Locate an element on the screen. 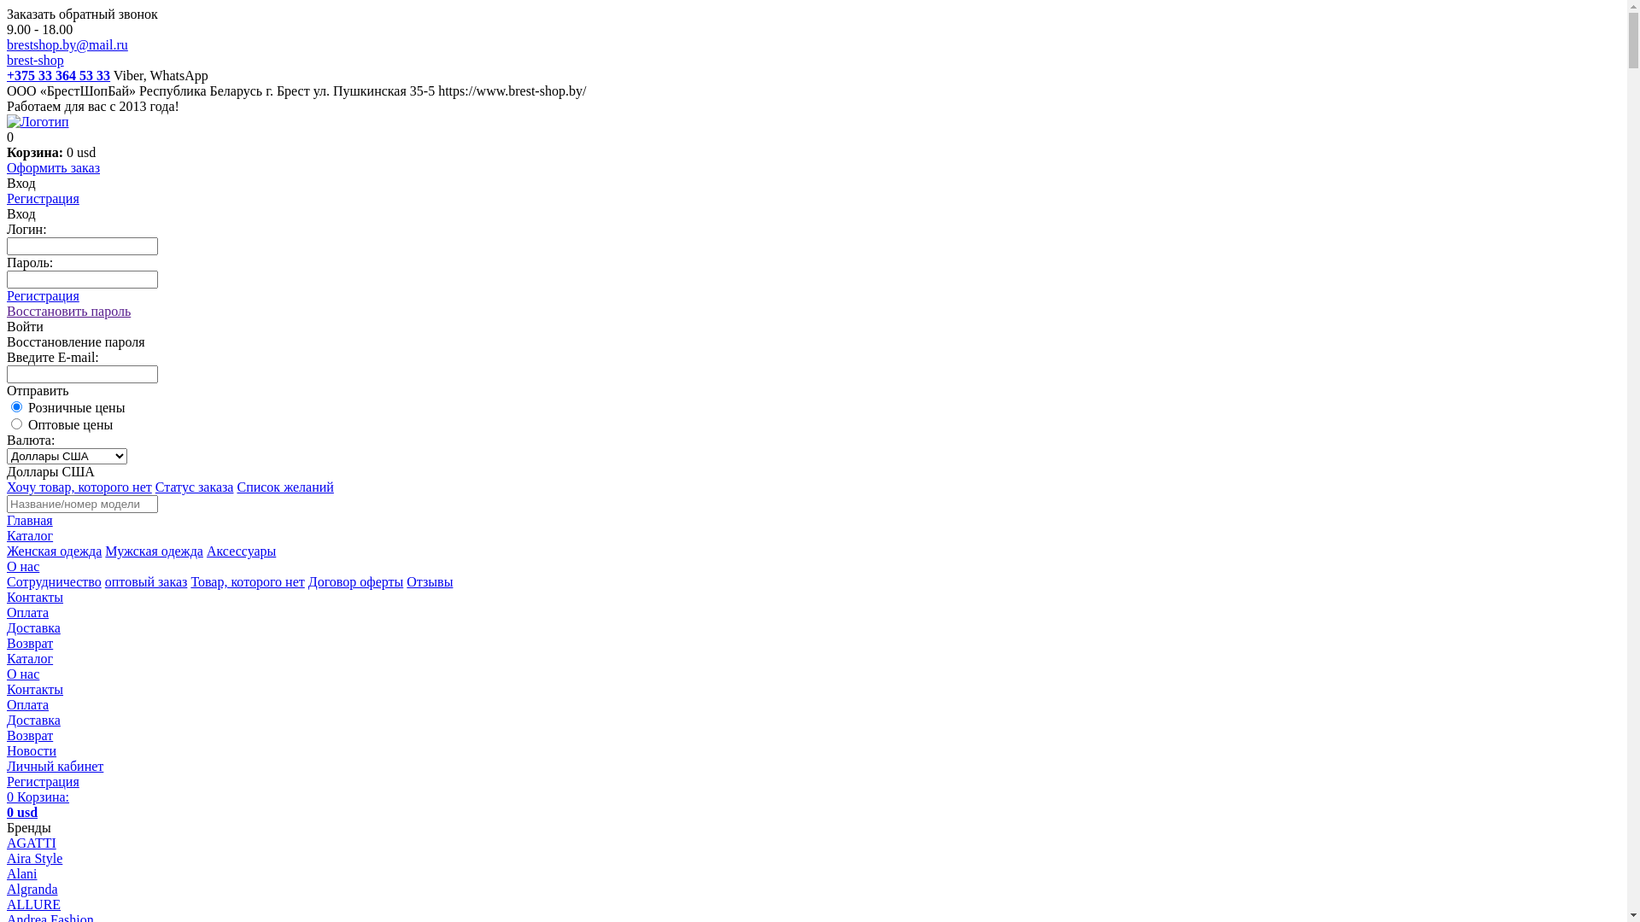 The height and width of the screenshot is (922, 1640). '+375 33 364 53 33' is located at coordinates (58, 74).